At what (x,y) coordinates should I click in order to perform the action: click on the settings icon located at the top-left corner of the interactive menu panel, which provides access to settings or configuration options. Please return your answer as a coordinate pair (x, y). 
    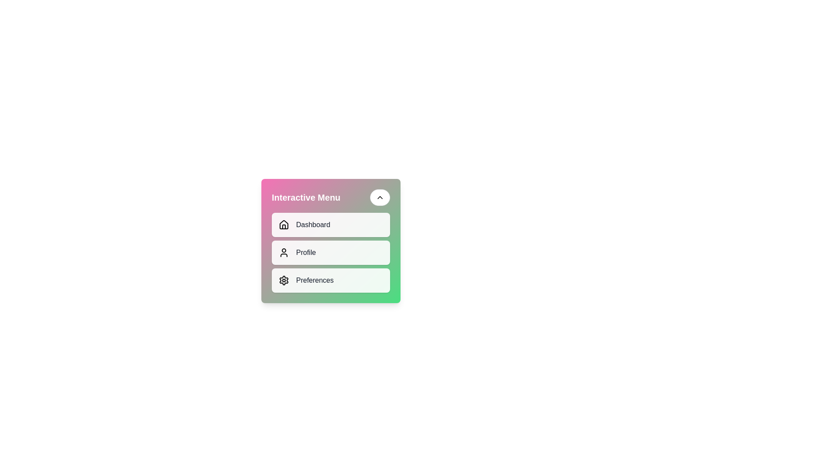
    Looking at the image, I should click on (284, 280).